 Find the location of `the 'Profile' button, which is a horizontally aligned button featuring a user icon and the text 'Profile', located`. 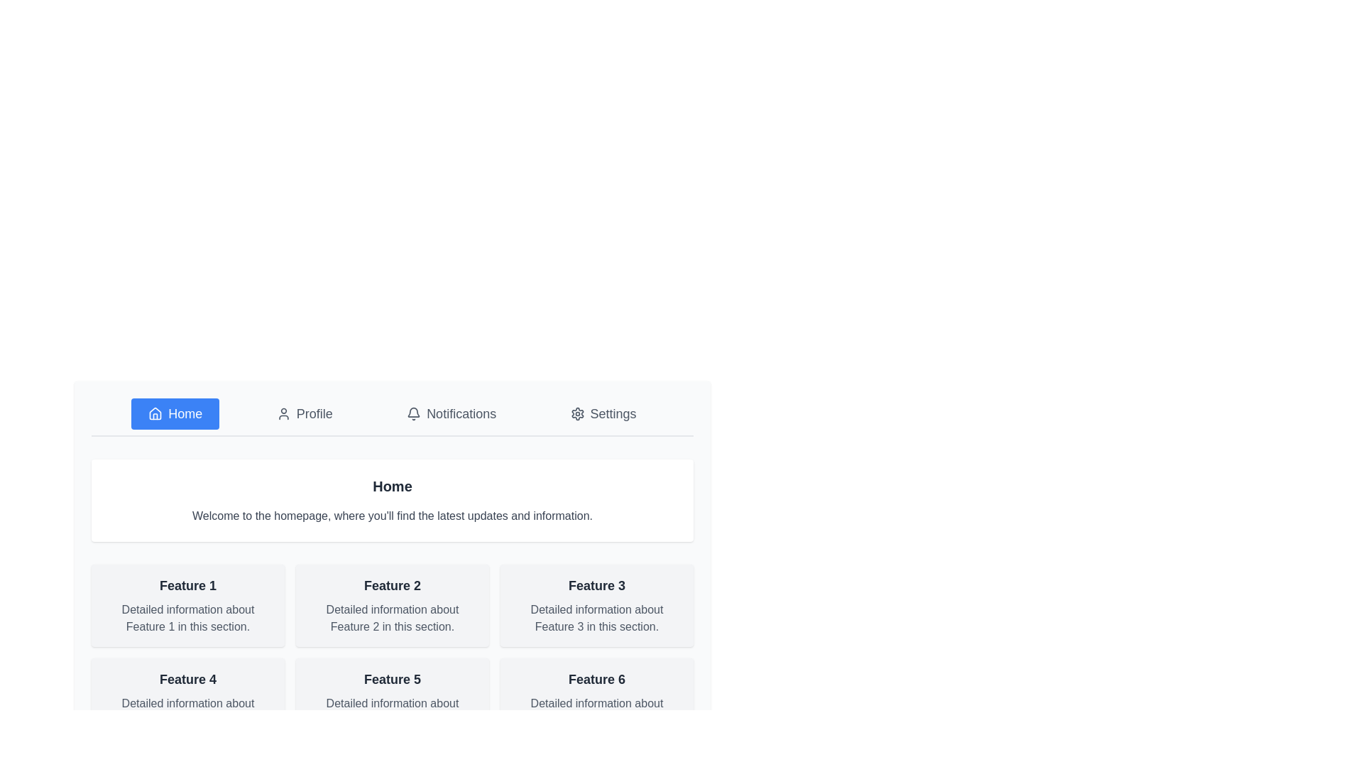

the 'Profile' button, which is a horizontally aligned button featuring a user icon and the text 'Profile', located is located at coordinates (304, 413).